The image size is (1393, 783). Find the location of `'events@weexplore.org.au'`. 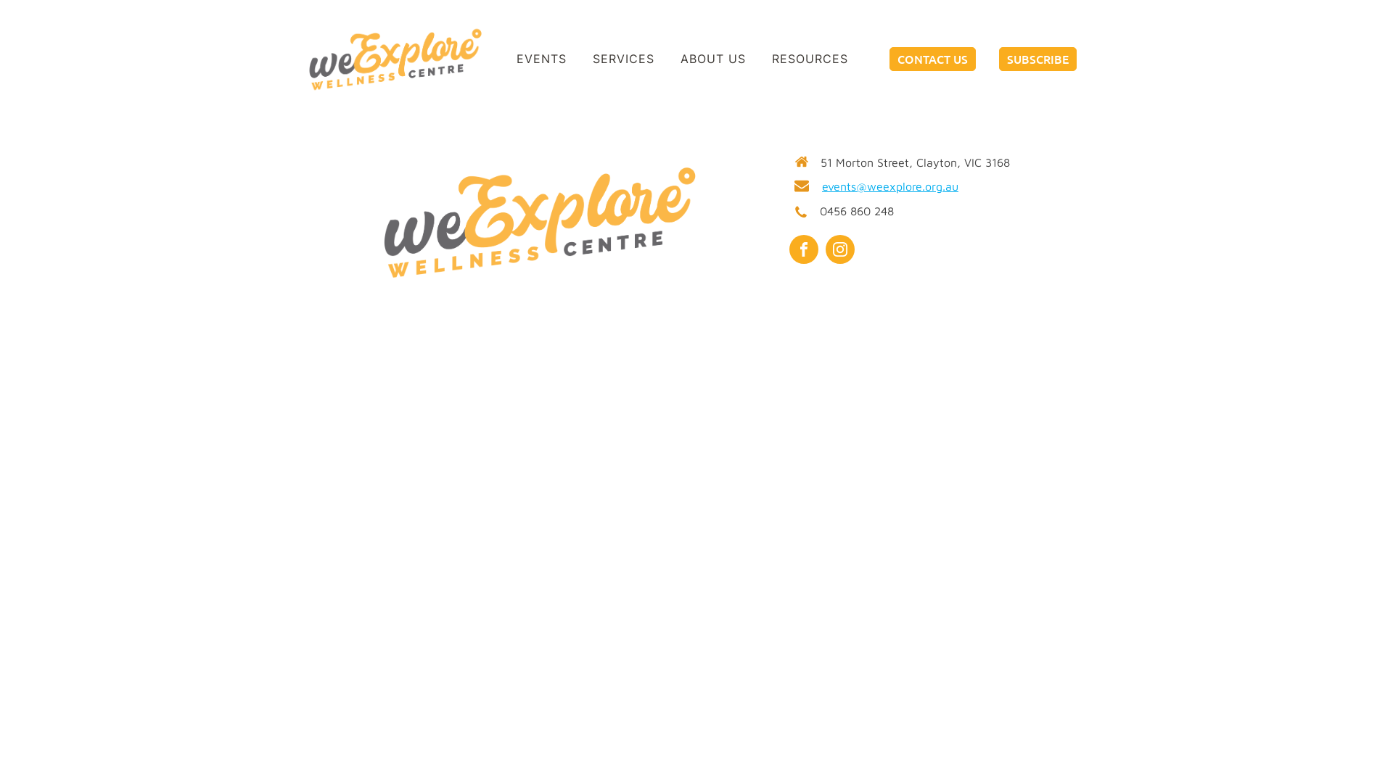

'events@weexplore.org.au' is located at coordinates (889, 186).